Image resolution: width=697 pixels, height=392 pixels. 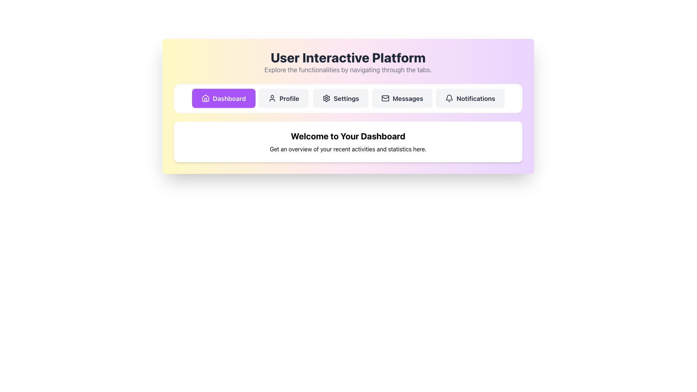 I want to click on the 'Settings' button, which is a rectangular button with a light gray background and dark gray text, featuring a gear icon to the left of the text, located near the center of the top section of the interface, so click(x=340, y=98).